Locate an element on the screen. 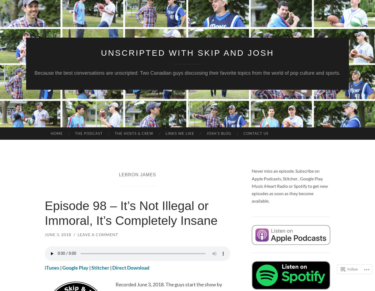  'Direct Download' is located at coordinates (131, 267).